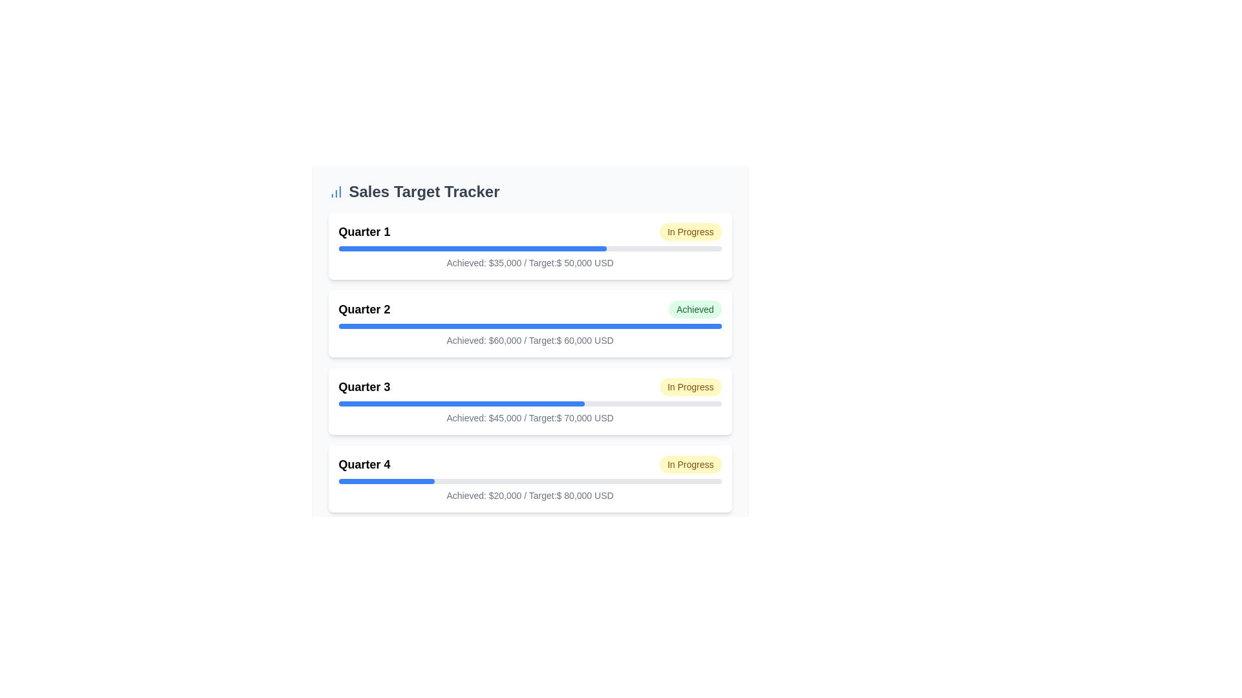  I want to click on the status indicator label for 'Quarter 3' sales target that shows 'In Progress', so click(690, 386).